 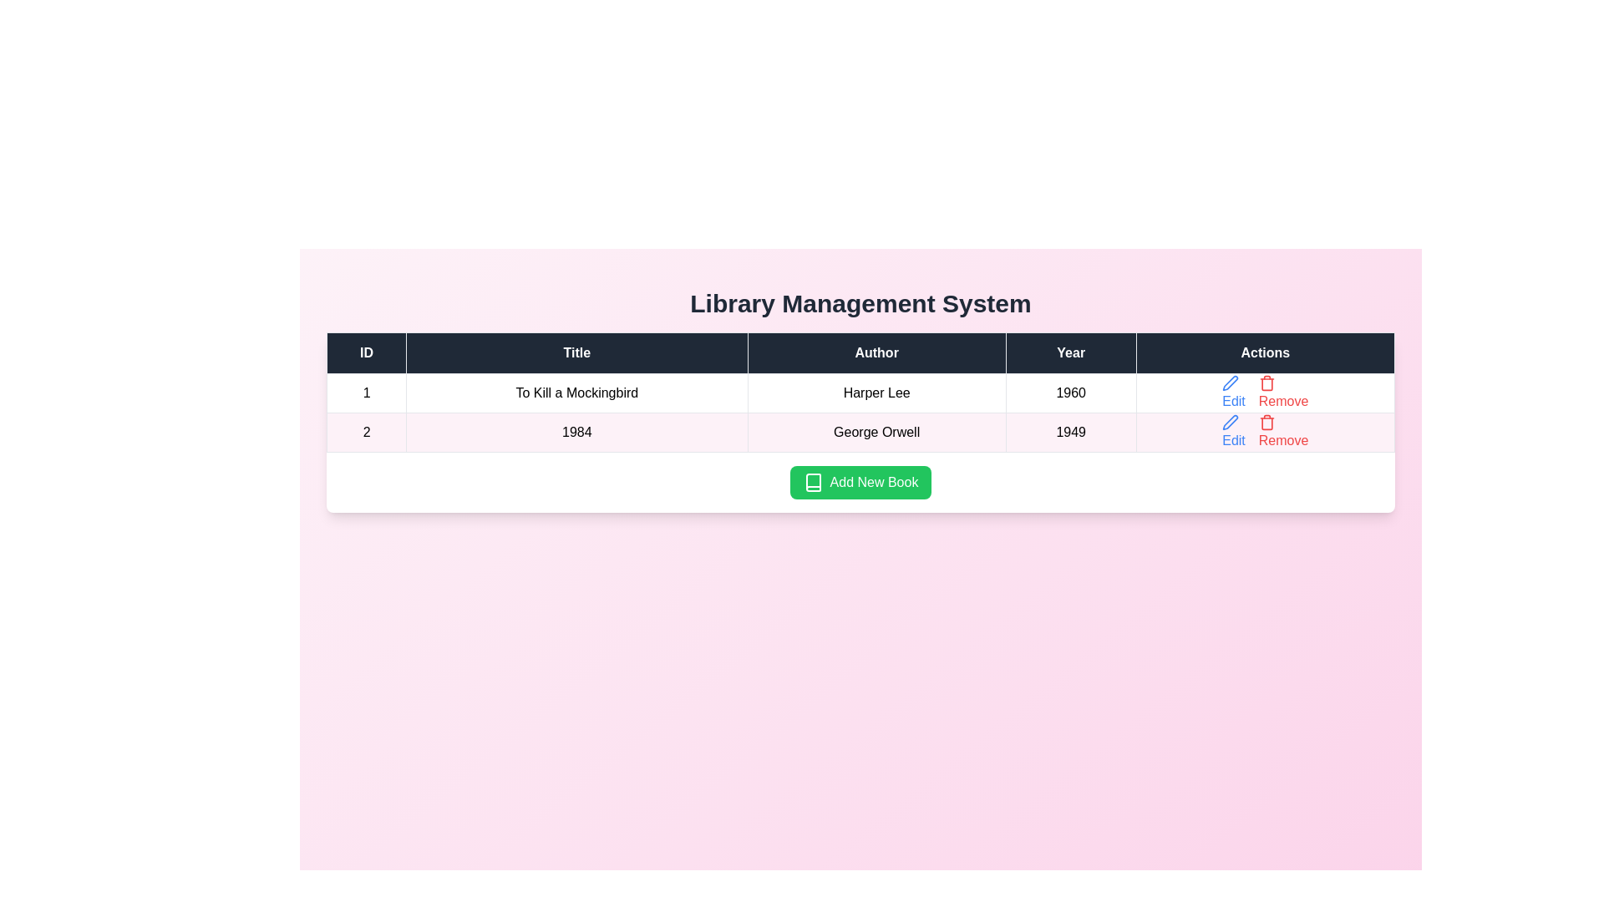 What do you see at coordinates (1265, 393) in the screenshot?
I see `the 'Remove' option in the Actions column of the first data row` at bounding box center [1265, 393].